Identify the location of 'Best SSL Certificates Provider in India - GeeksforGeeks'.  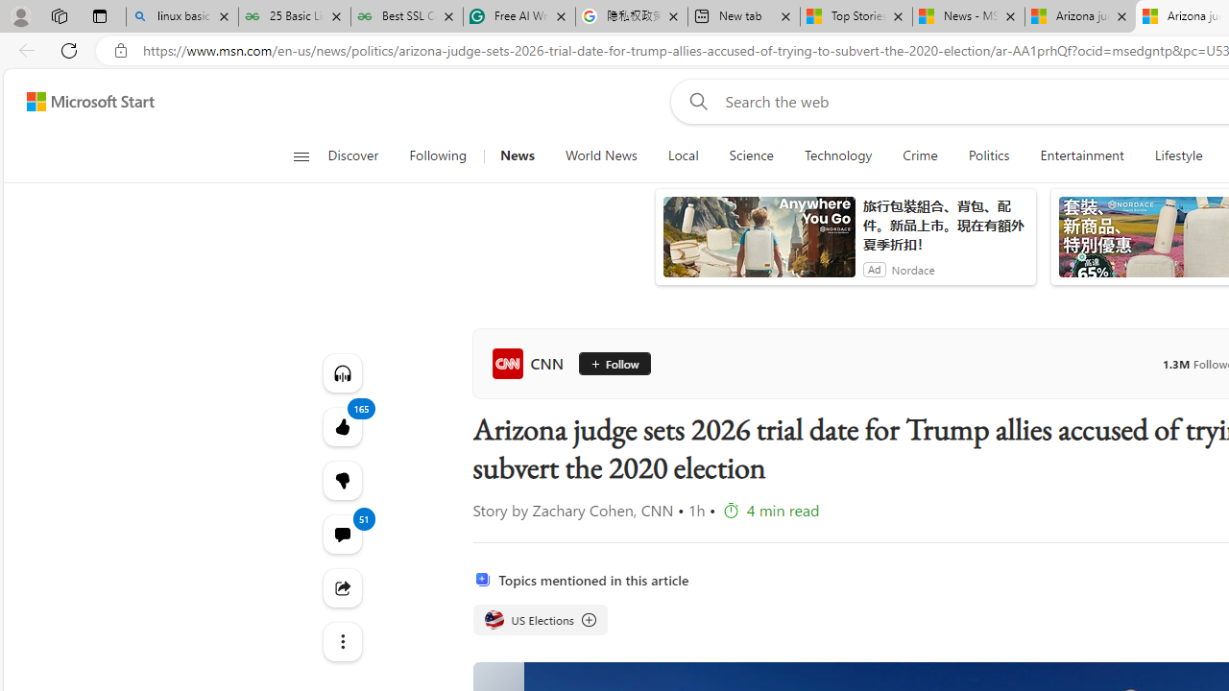
(406, 16).